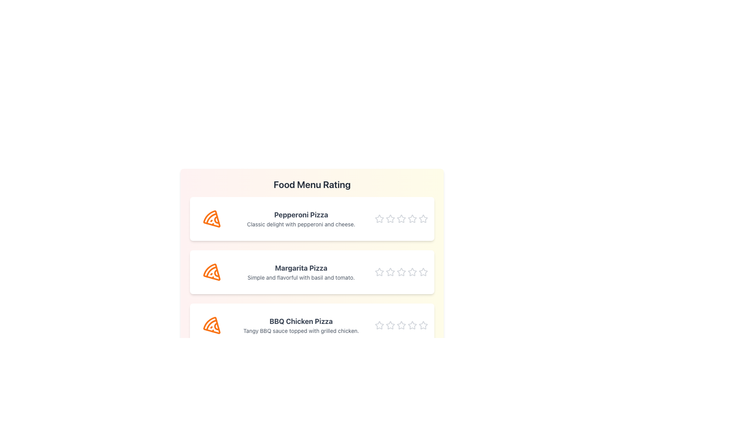 This screenshot has width=752, height=423. I want to click on the third star, so click(401, 325).